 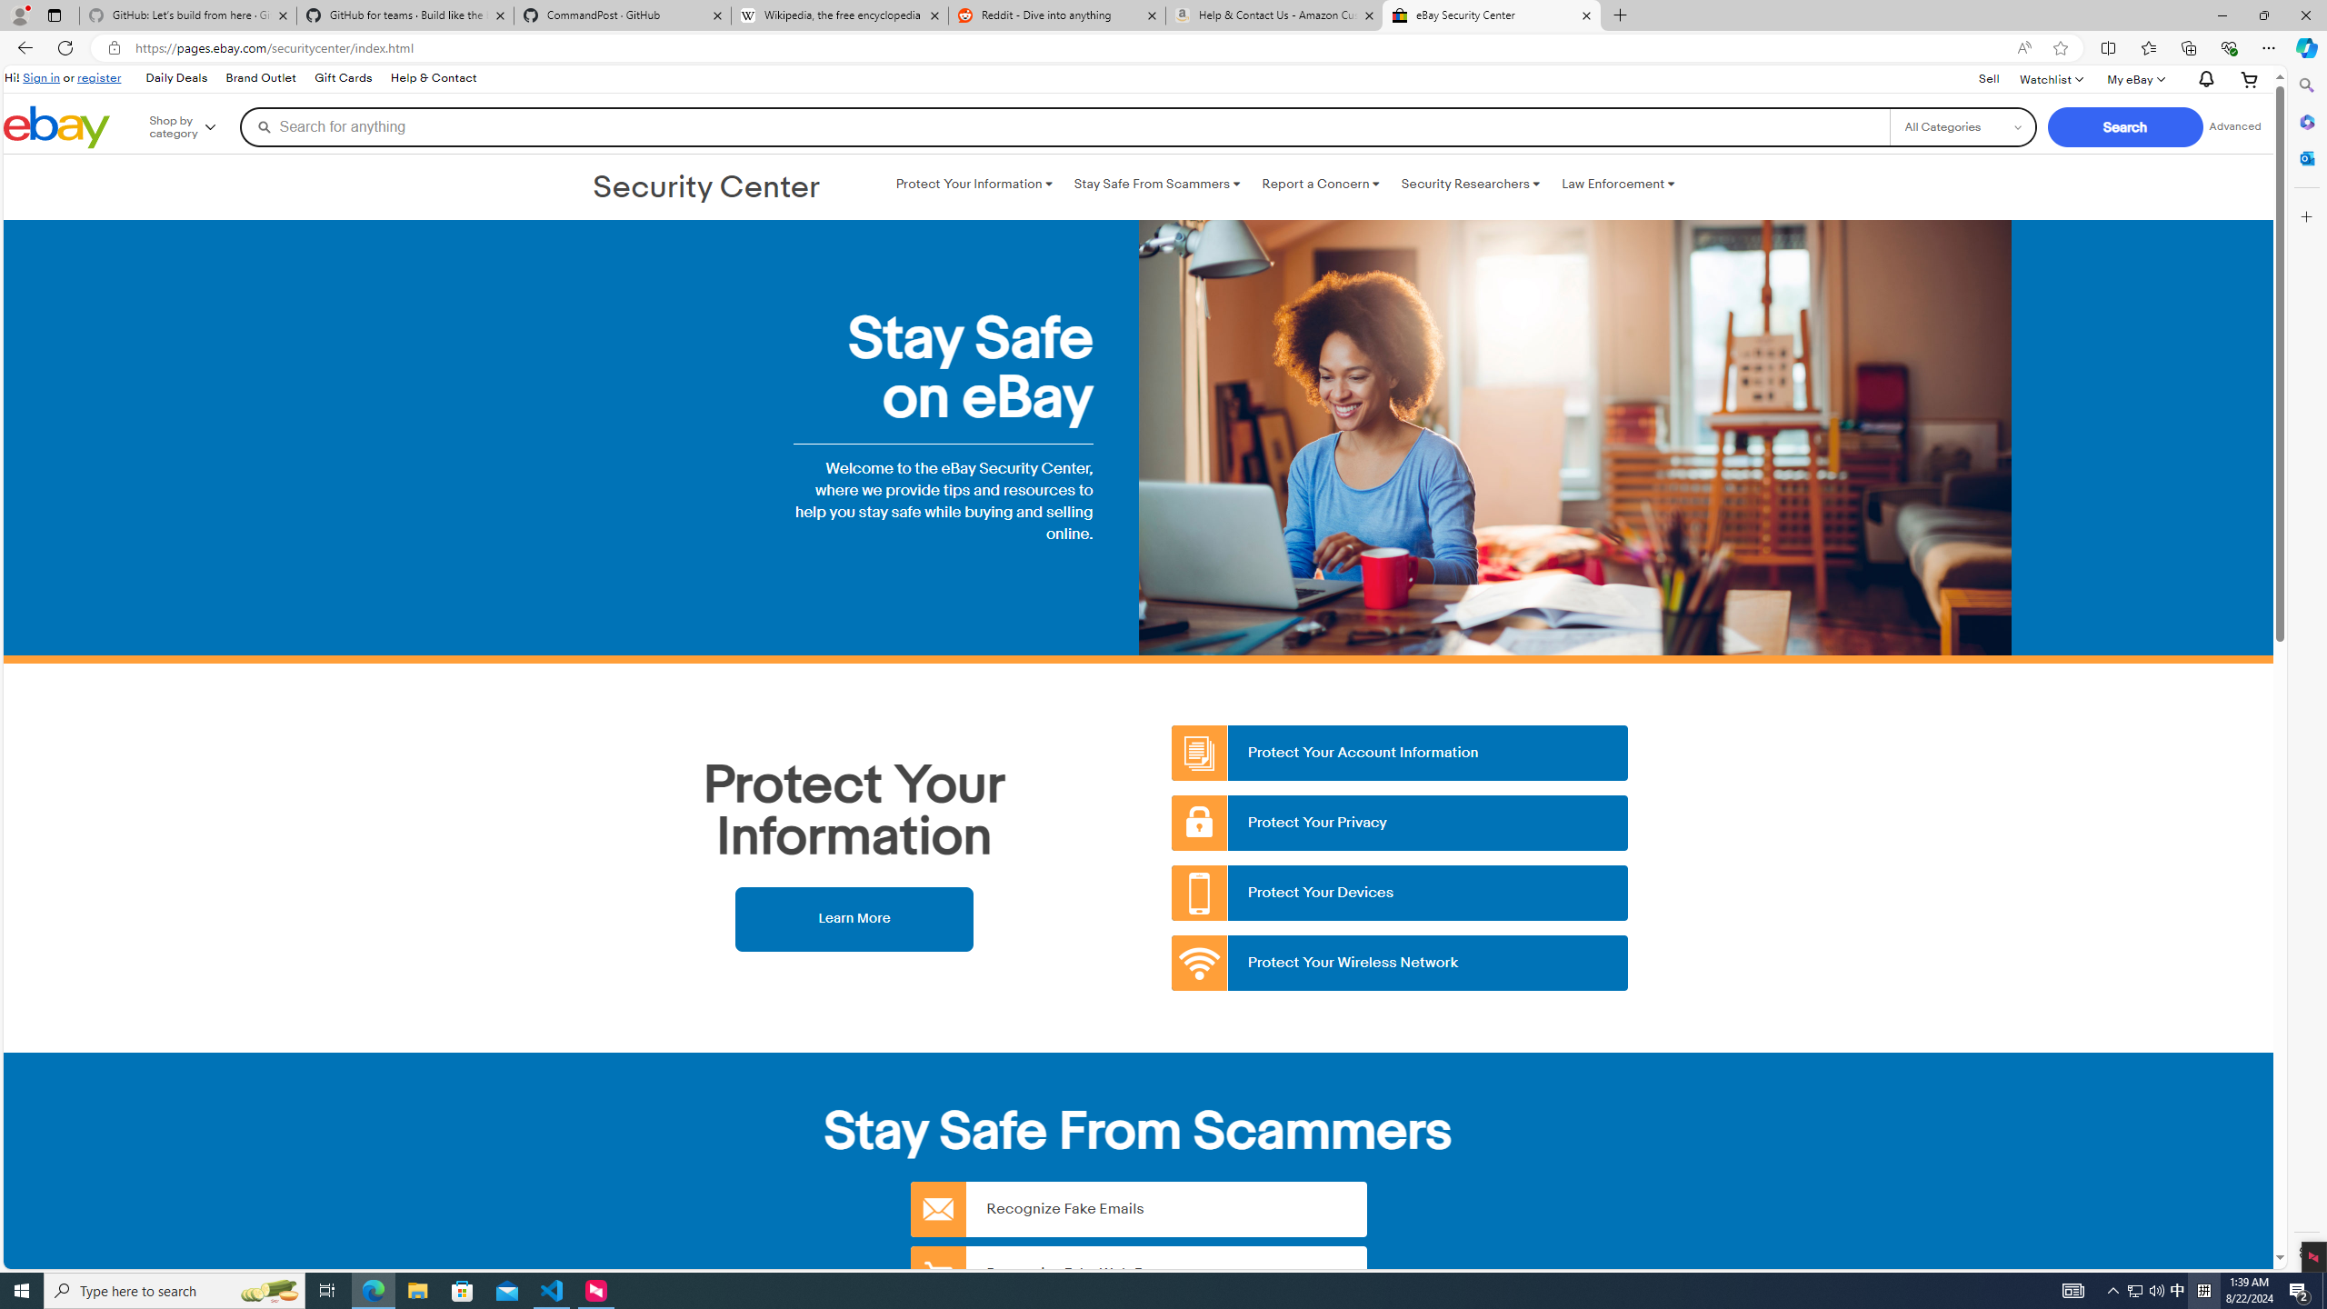 What do you see at coordinates (1319, 184) in the screenshot?
I see `'Report a Concern '` at bounding box center [1319, 184].